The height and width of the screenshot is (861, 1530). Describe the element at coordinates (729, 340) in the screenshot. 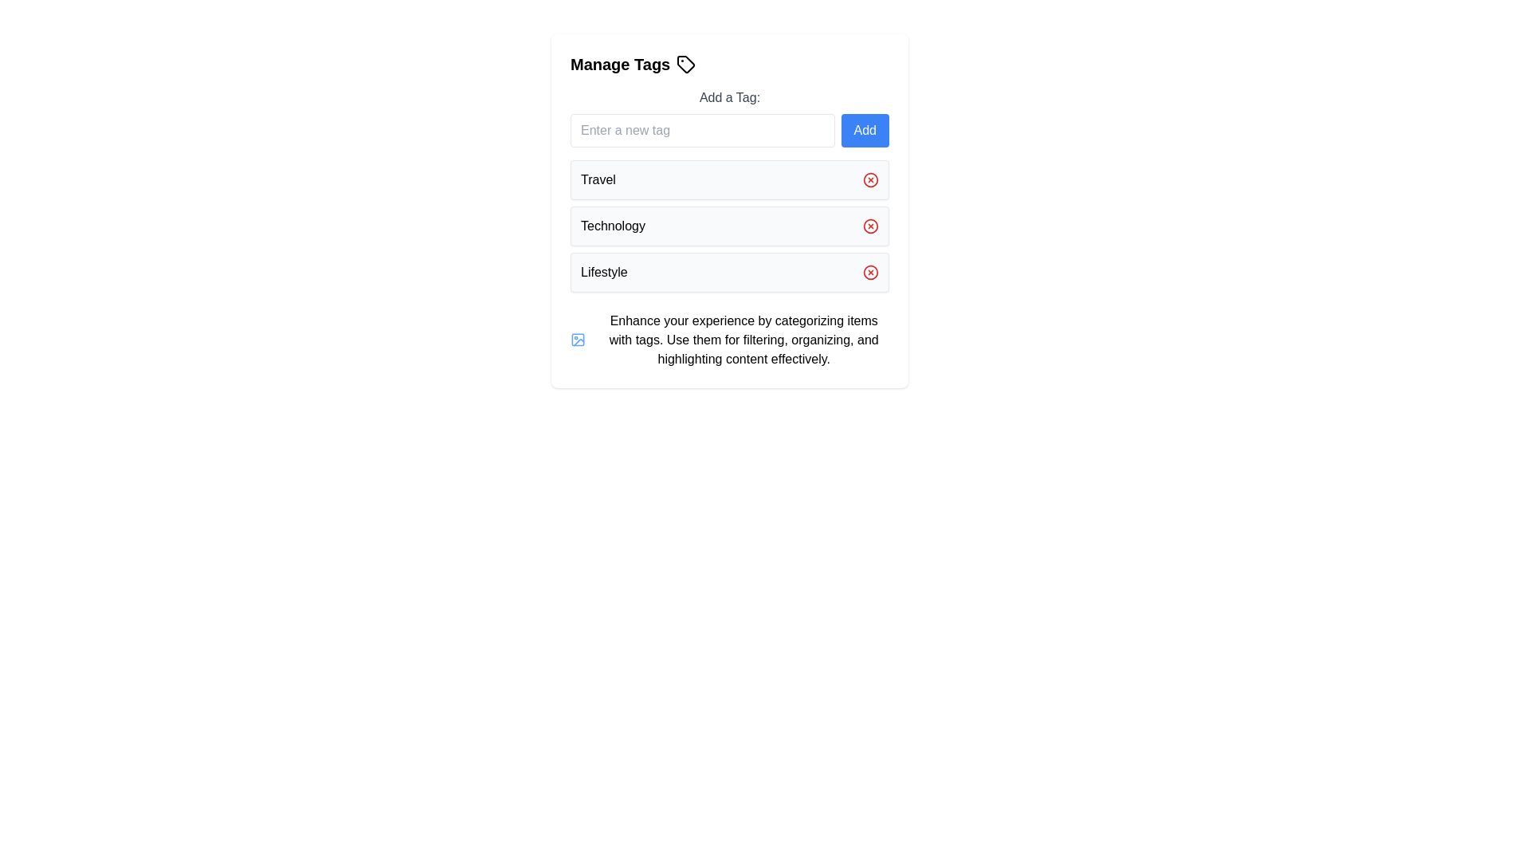

I see `informational content located at the bottom of the 'Manage Tags' card, which provides guidance on categorizing items with tags` at that location.